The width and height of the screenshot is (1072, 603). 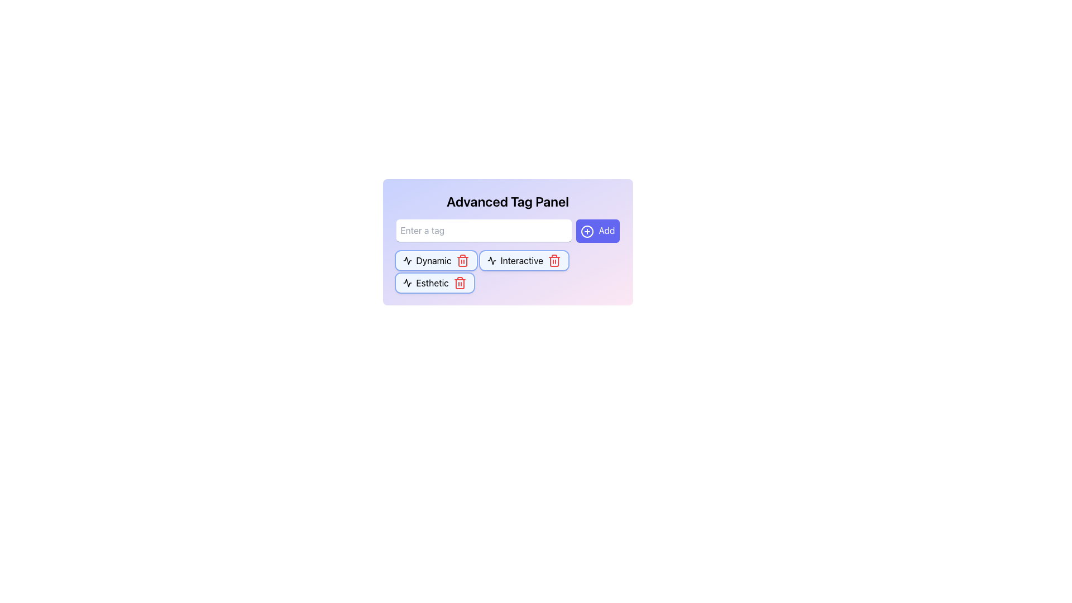 I want to click on the 'Interactive' Tag Button, which is the second button in a row of three, positioned between the 'Dynamic' and 'Esthetic' buttons, so click(x=523, y=260).